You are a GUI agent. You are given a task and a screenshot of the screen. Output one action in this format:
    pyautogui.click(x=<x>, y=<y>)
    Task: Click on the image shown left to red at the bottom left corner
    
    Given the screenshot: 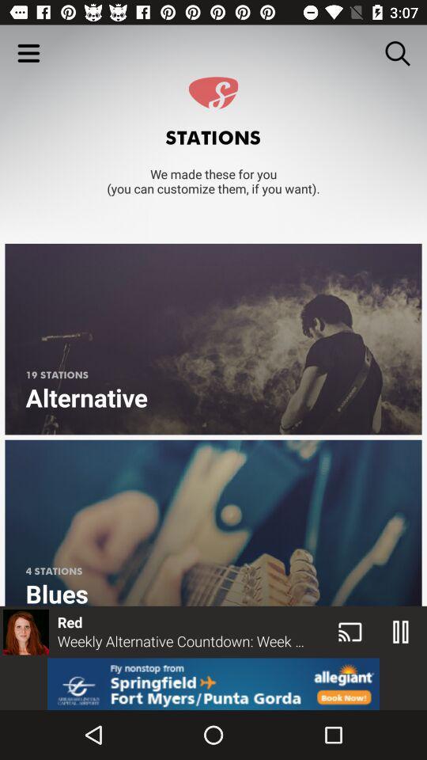 What is the action you would take?
    pyautogui.click(x=25, y=632)
    